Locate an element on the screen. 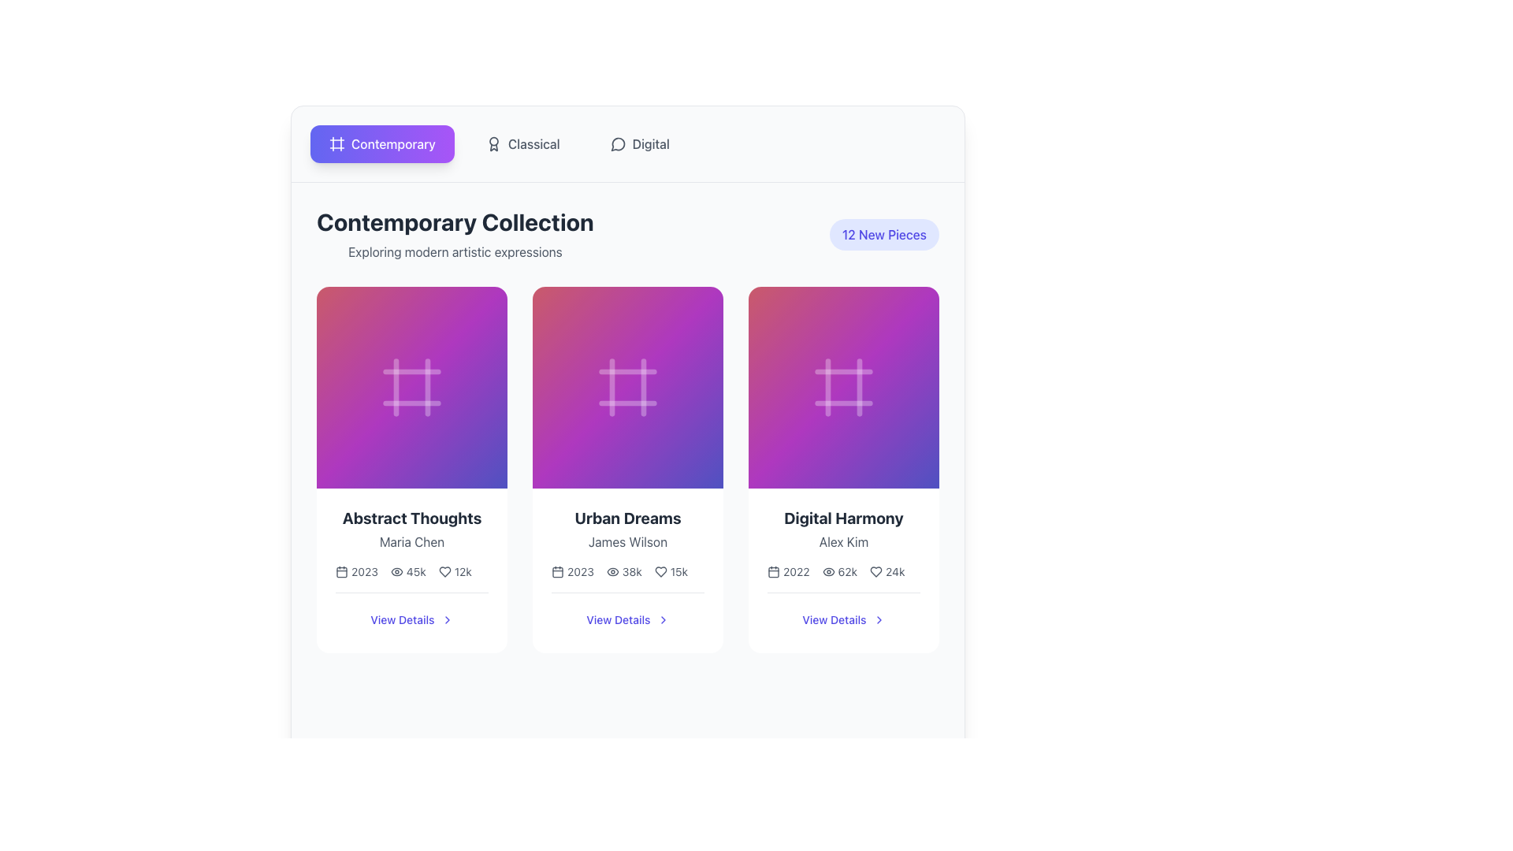  the static text block located in the first card of the gallery, which serves as a label or title for the card is located at coordinates (412, 529).